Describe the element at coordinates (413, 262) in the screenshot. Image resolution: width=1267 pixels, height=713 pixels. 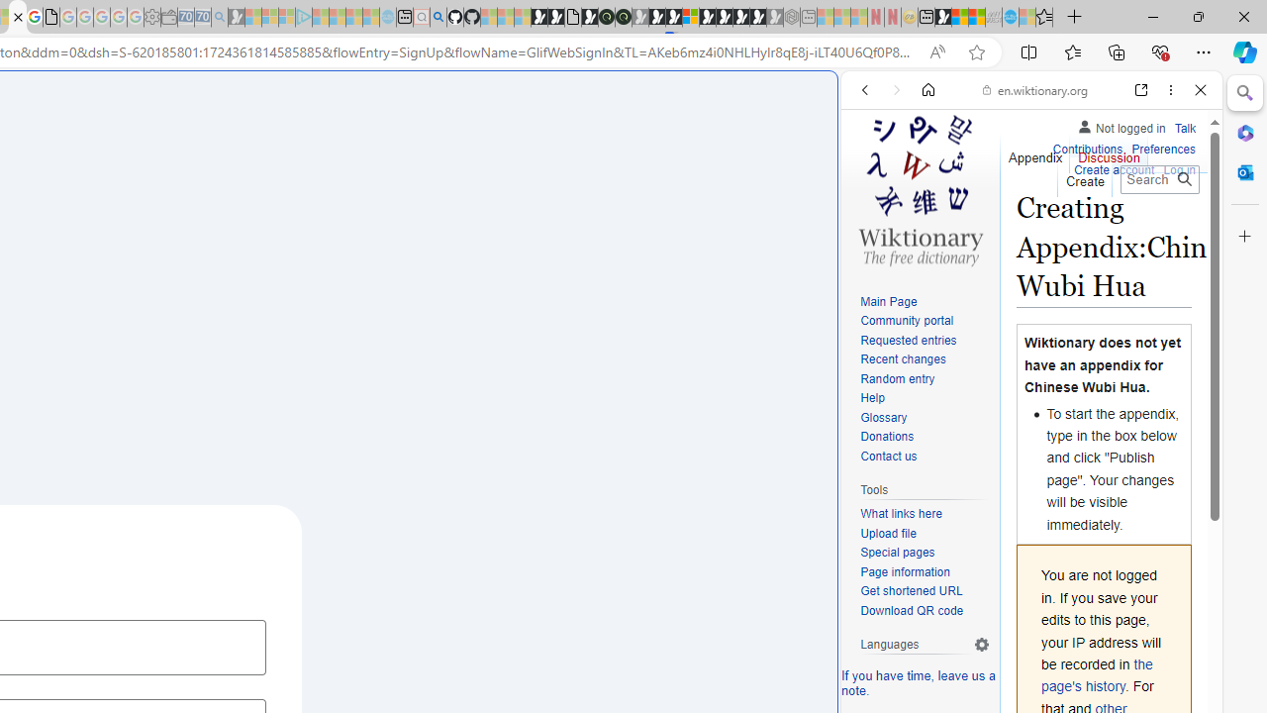
I see `'Frequently visited'` at that location.